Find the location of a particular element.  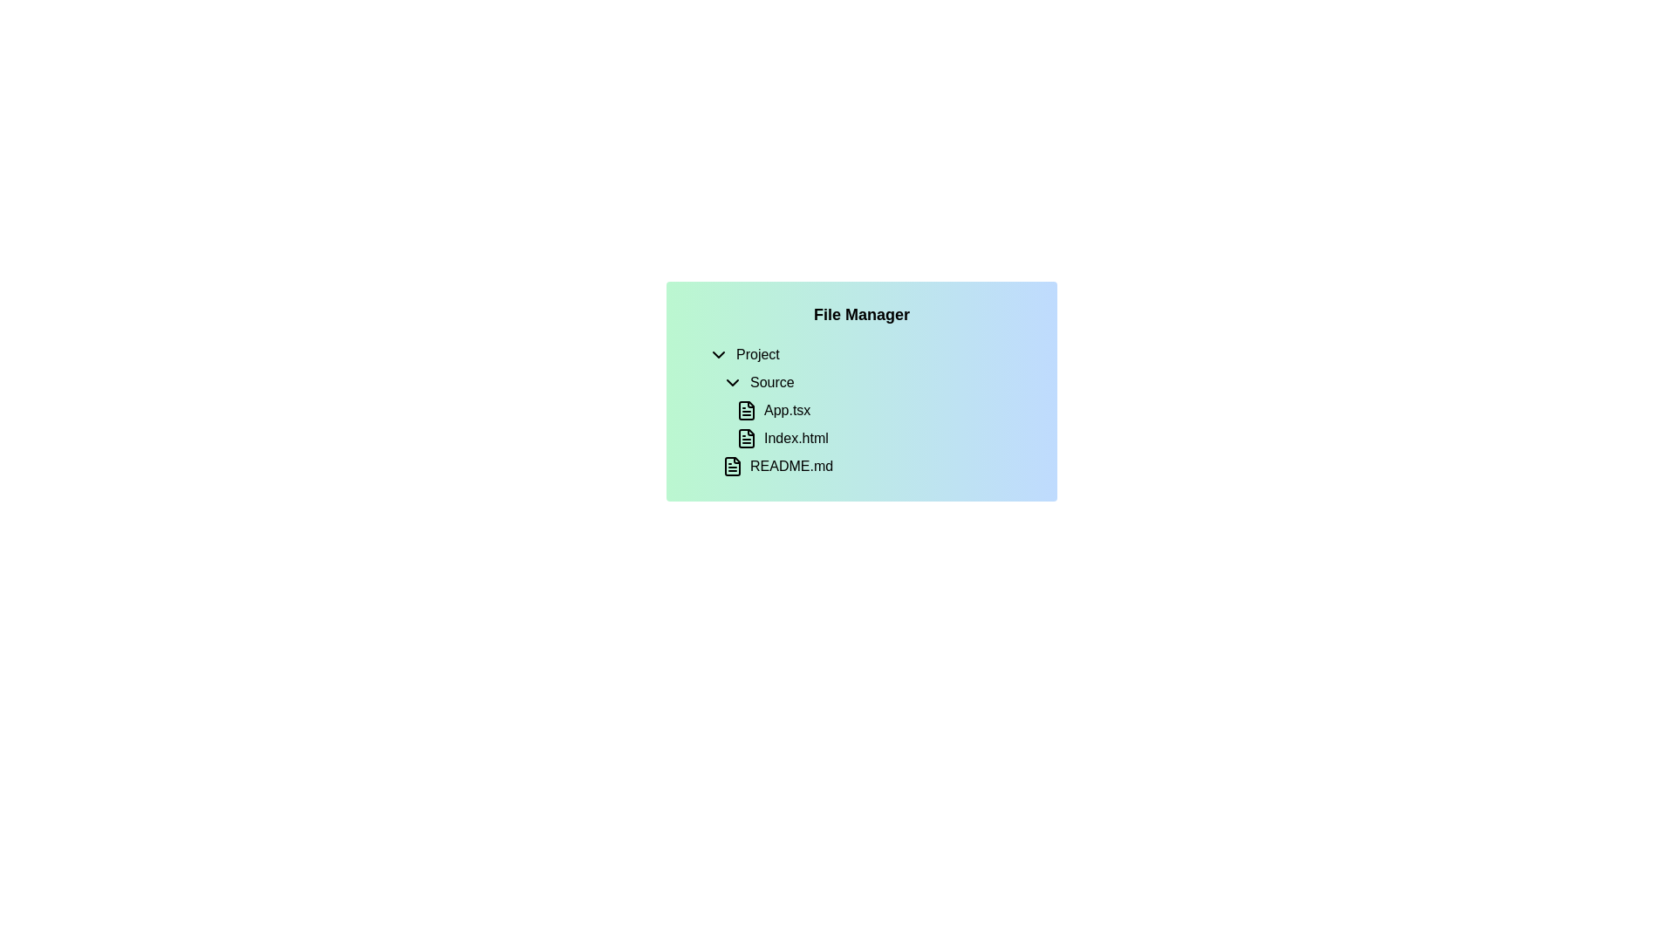

the document icon located to the left of the 'README.md' text label in the file list section of the 'Source' category in the 'File Manager' interface is located at coordinates (733, 466).